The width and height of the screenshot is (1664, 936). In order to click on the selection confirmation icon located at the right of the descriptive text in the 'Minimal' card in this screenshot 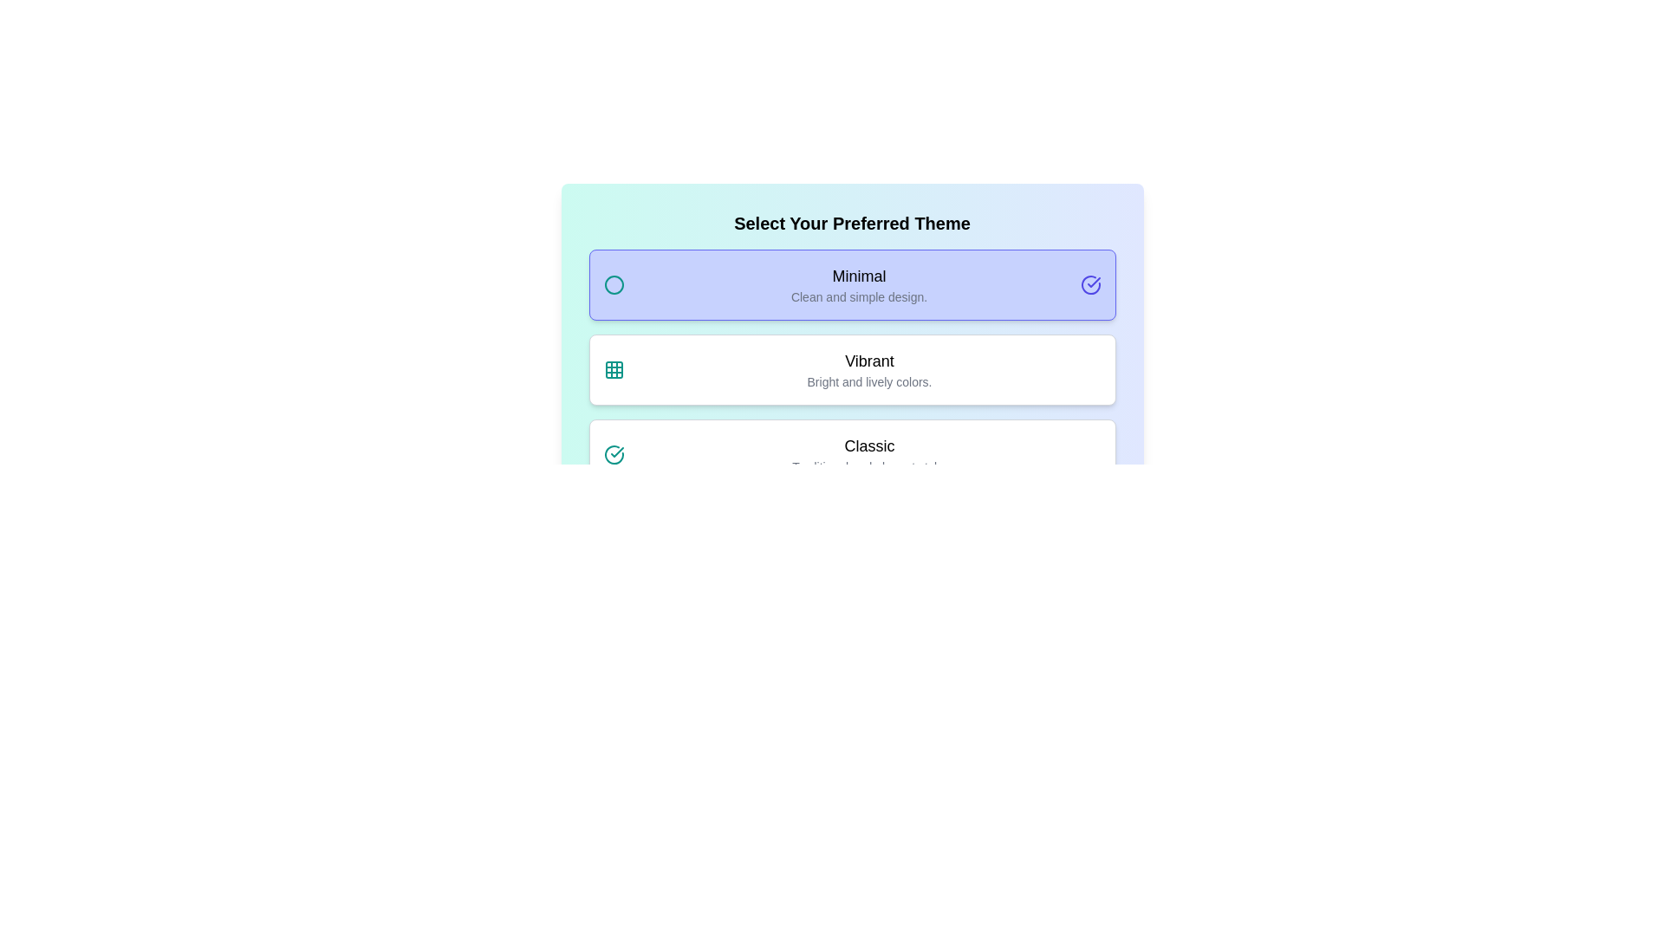, I will do `click(1089, 283)`.